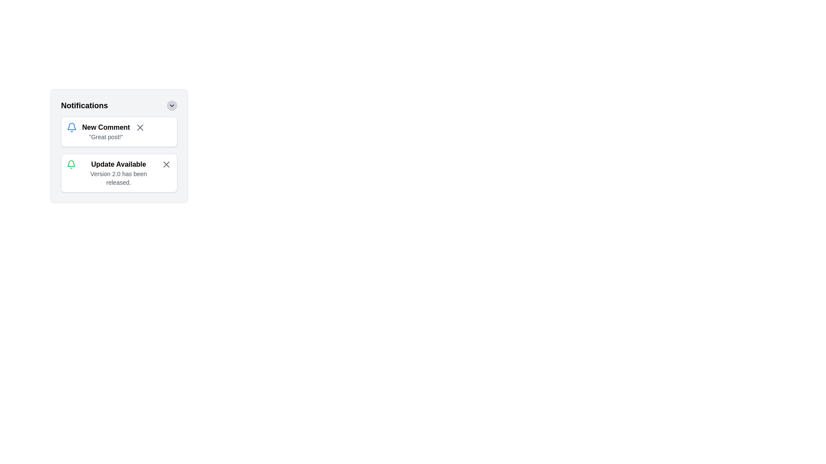 The image size is (826, 464). I want to click on the title Text Label of the notification section, which is positioned at the upper-left corner of the notification panel, so click(84, 105).